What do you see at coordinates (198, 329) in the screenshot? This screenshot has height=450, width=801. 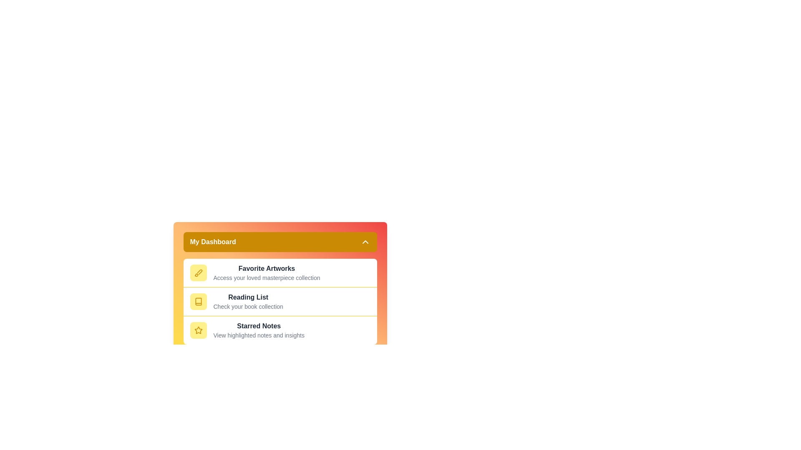 I see `the star icon located in the lower section of the dashboard menu to mark or unmark notes as starred` at bounding box center [198, 329].